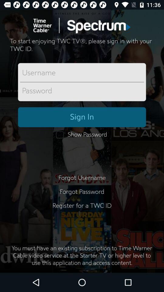 This screenshot has width=164, height=292. What do you see at coordinates (82, 135) in the screenshot?
I see `show password` at bounding box center [82, 135].